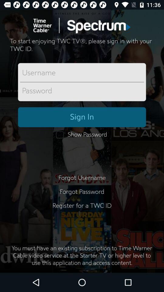 This screenshot has width=164, height=292. What do you see at coordinates (82, 135) in the screenshot?
I see `show password` at bounding box center [82, 135].